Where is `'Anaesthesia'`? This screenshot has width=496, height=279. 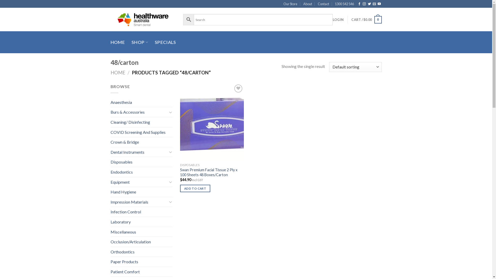
'Anaesthesia' is located at coordinates (141, 102).